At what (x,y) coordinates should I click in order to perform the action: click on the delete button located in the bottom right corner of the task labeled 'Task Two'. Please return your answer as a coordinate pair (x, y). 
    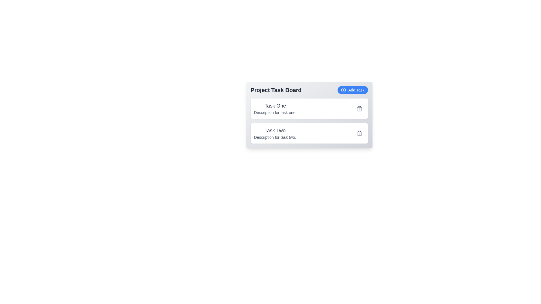
    Looking at the image, I should click on (359, 133).